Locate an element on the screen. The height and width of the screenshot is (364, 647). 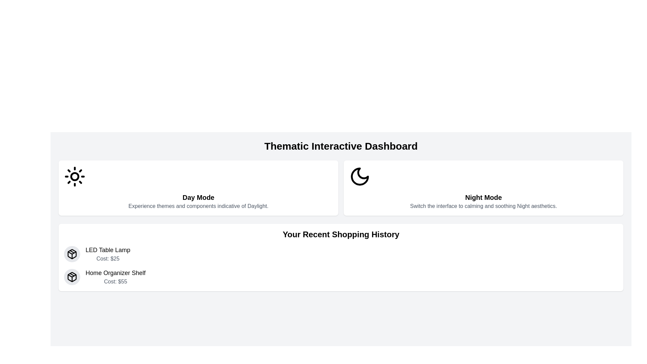
the Interactive card that represents the 'Day Mode' interface theme, located in the upper section of the layout to the left of the 'Night Mode' card is located at coordinates (198, 188).